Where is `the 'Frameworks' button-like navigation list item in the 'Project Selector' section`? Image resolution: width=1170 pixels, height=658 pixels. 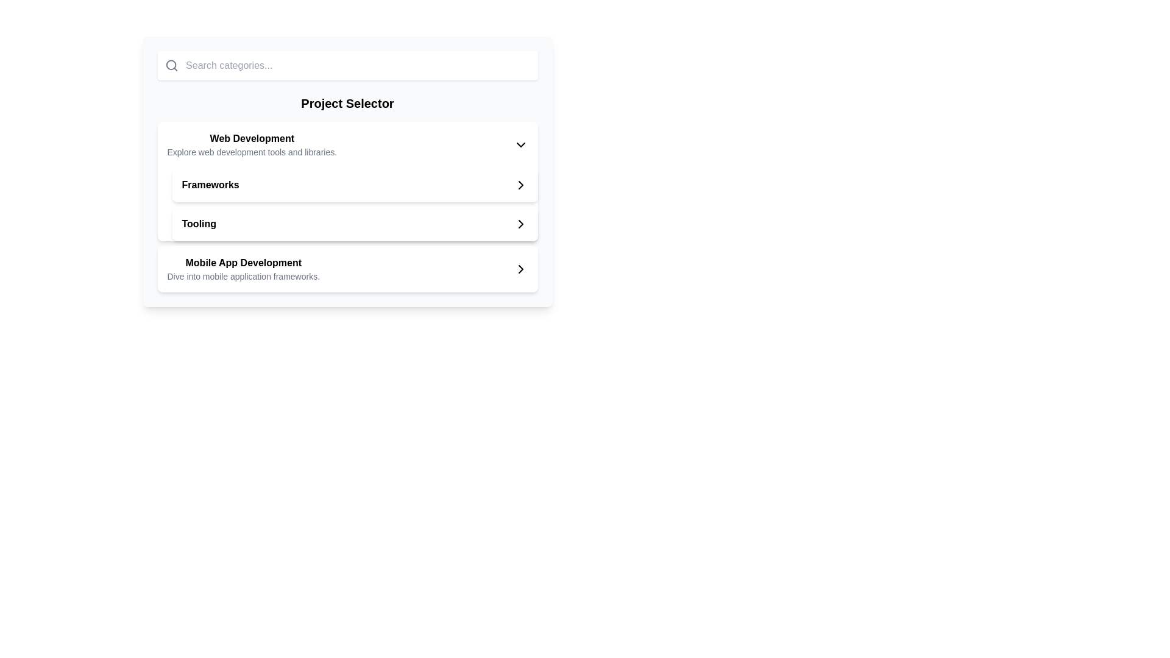 the 'Frameworks' button-like navigation list item in the 'Project Selector' section is located at coordinates (354, 185).